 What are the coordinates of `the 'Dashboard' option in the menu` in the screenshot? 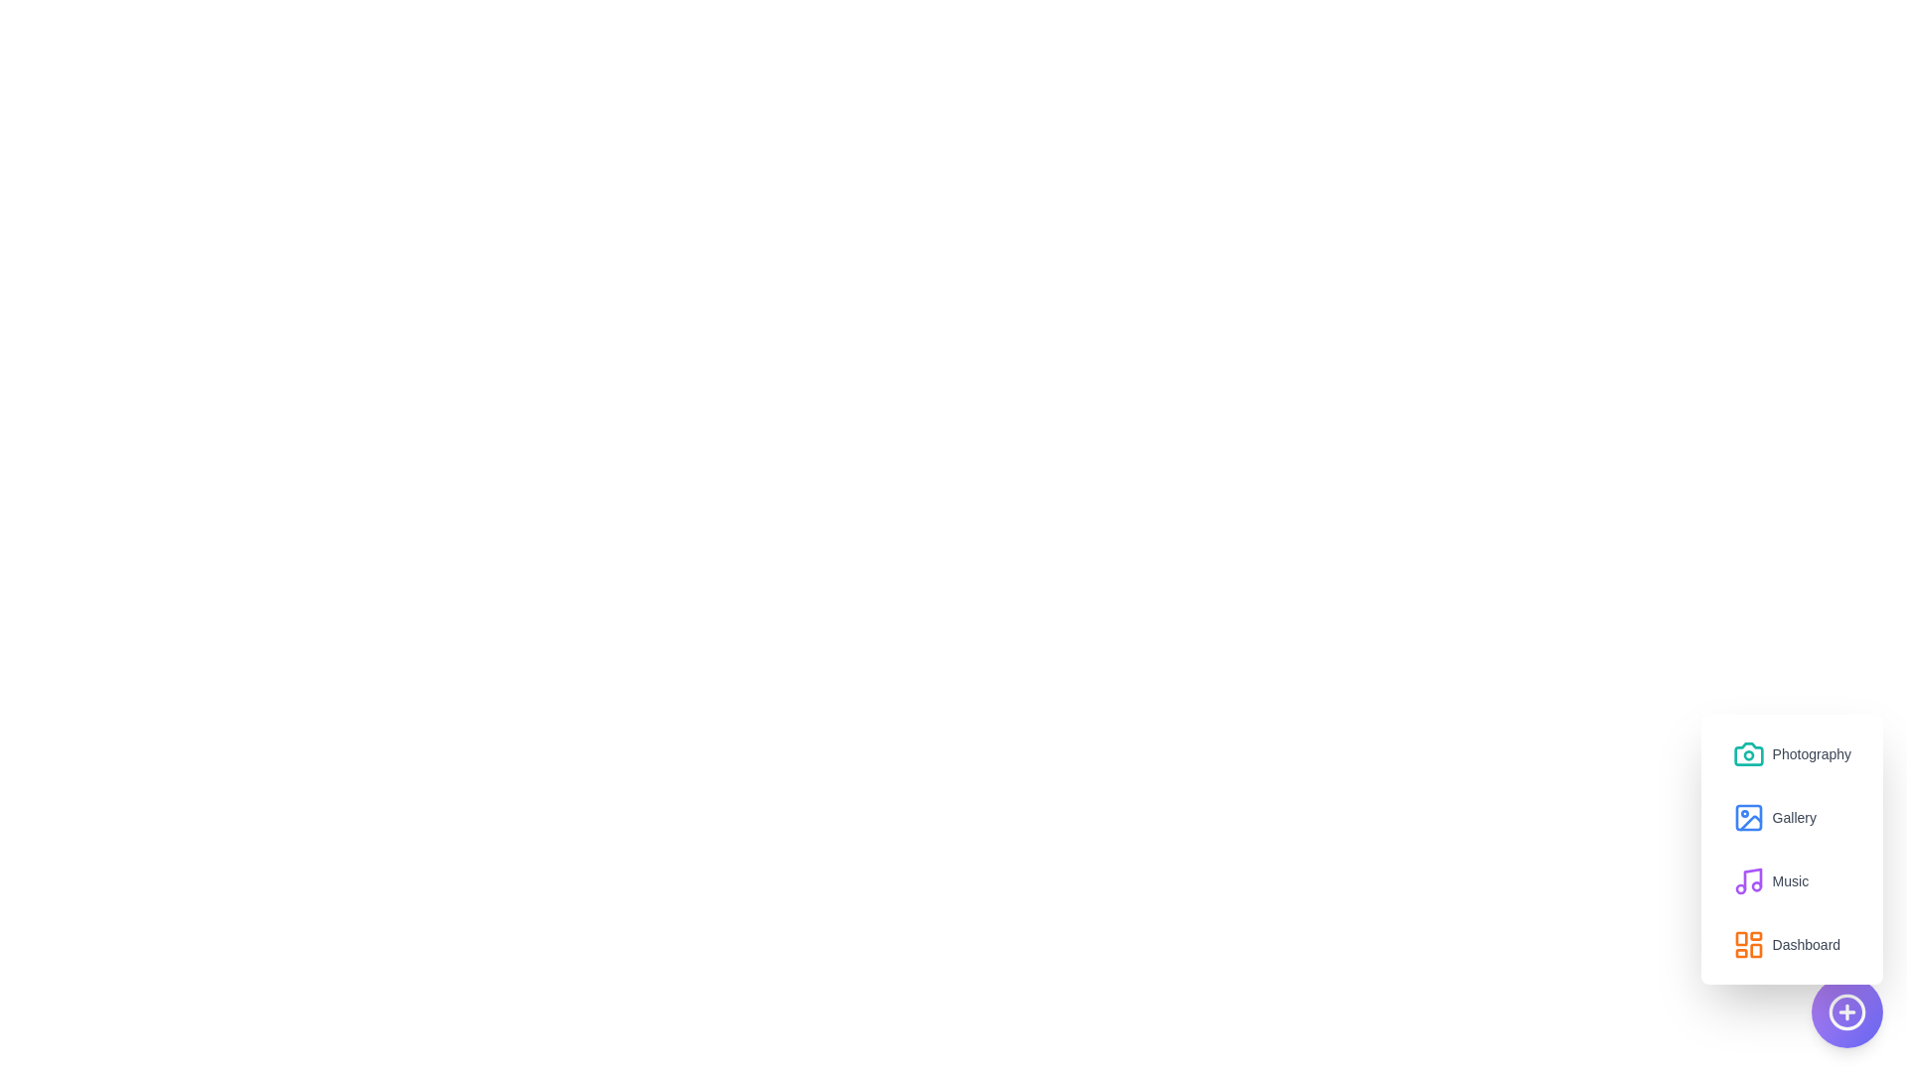 It's located at (1786, 944).